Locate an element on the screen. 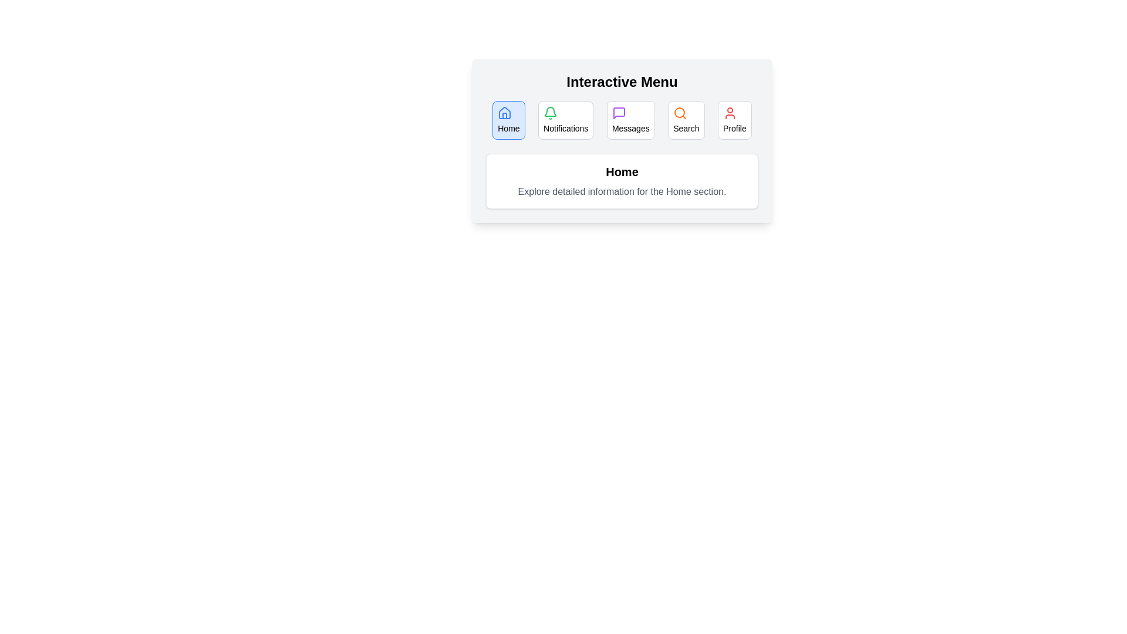 This screenshot has height=634, width=1127. the 'Home' button with a blue house icon and light blue background is located at coordinates (508, 120).